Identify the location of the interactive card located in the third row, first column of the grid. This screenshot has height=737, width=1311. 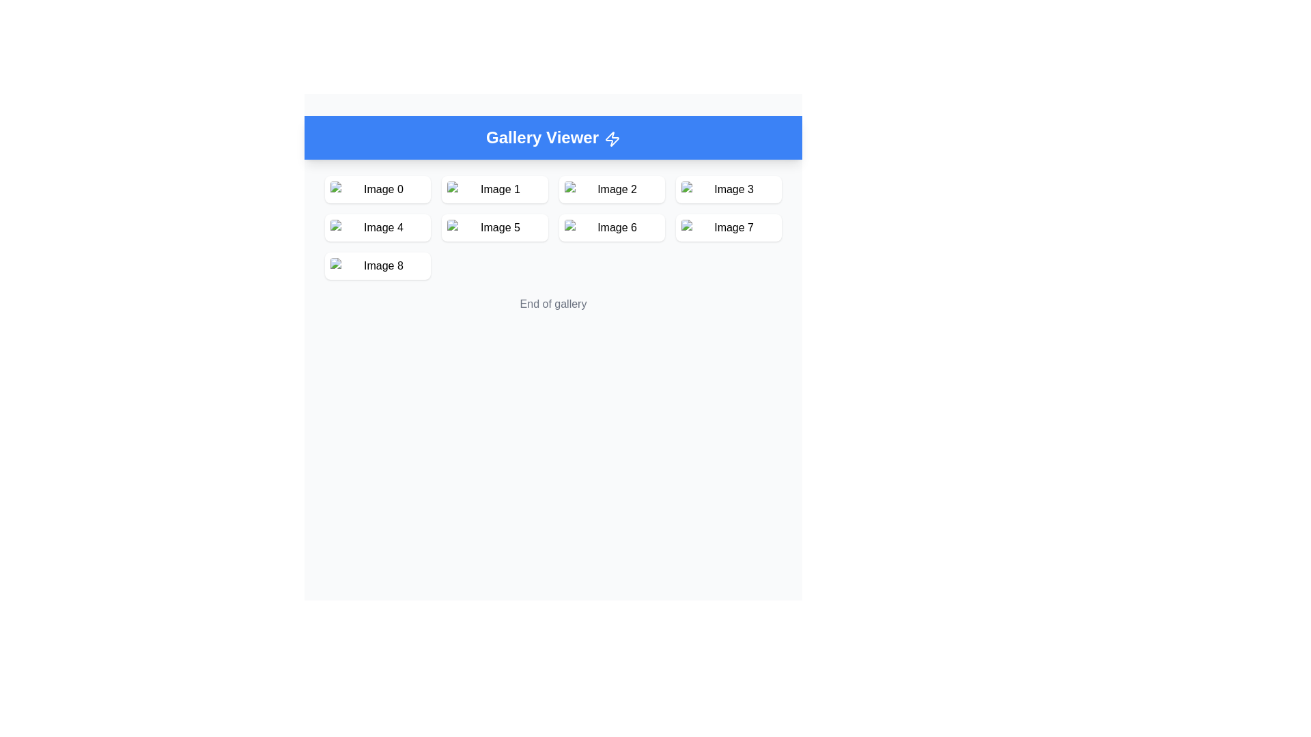
(378, 265).